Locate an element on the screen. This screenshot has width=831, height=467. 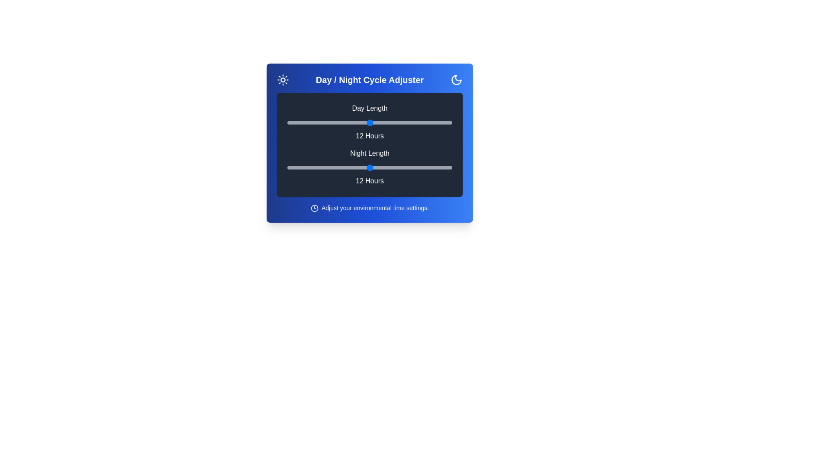
the 'Night Length' slider to 14 hours is located at coordinates (396, 168).